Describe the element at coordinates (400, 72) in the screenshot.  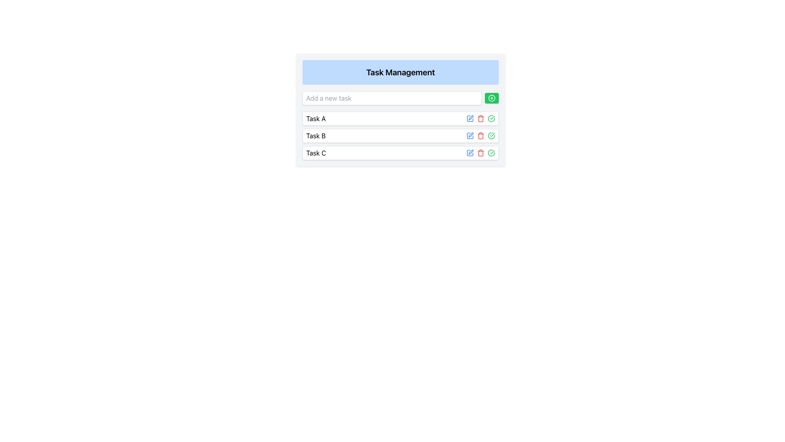
I see `the section header that provides a title for the task management area, located directly above the 'Add a new task' input field` at that location.